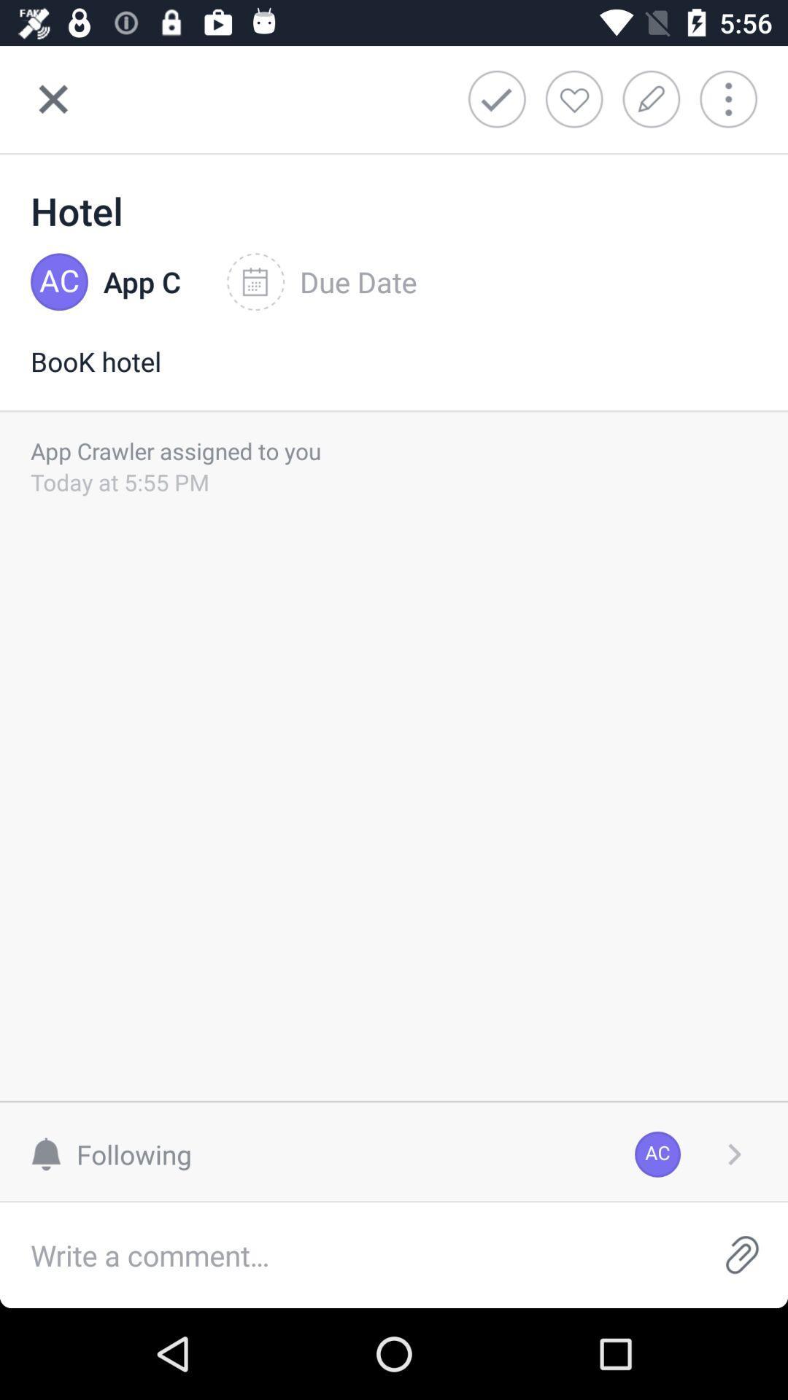 The height and width of the screenshot is (1400, 788). What do you see at coordinates (321, 282) in the screenshot?
I see `due date icon` at bounding box center [321, 282].